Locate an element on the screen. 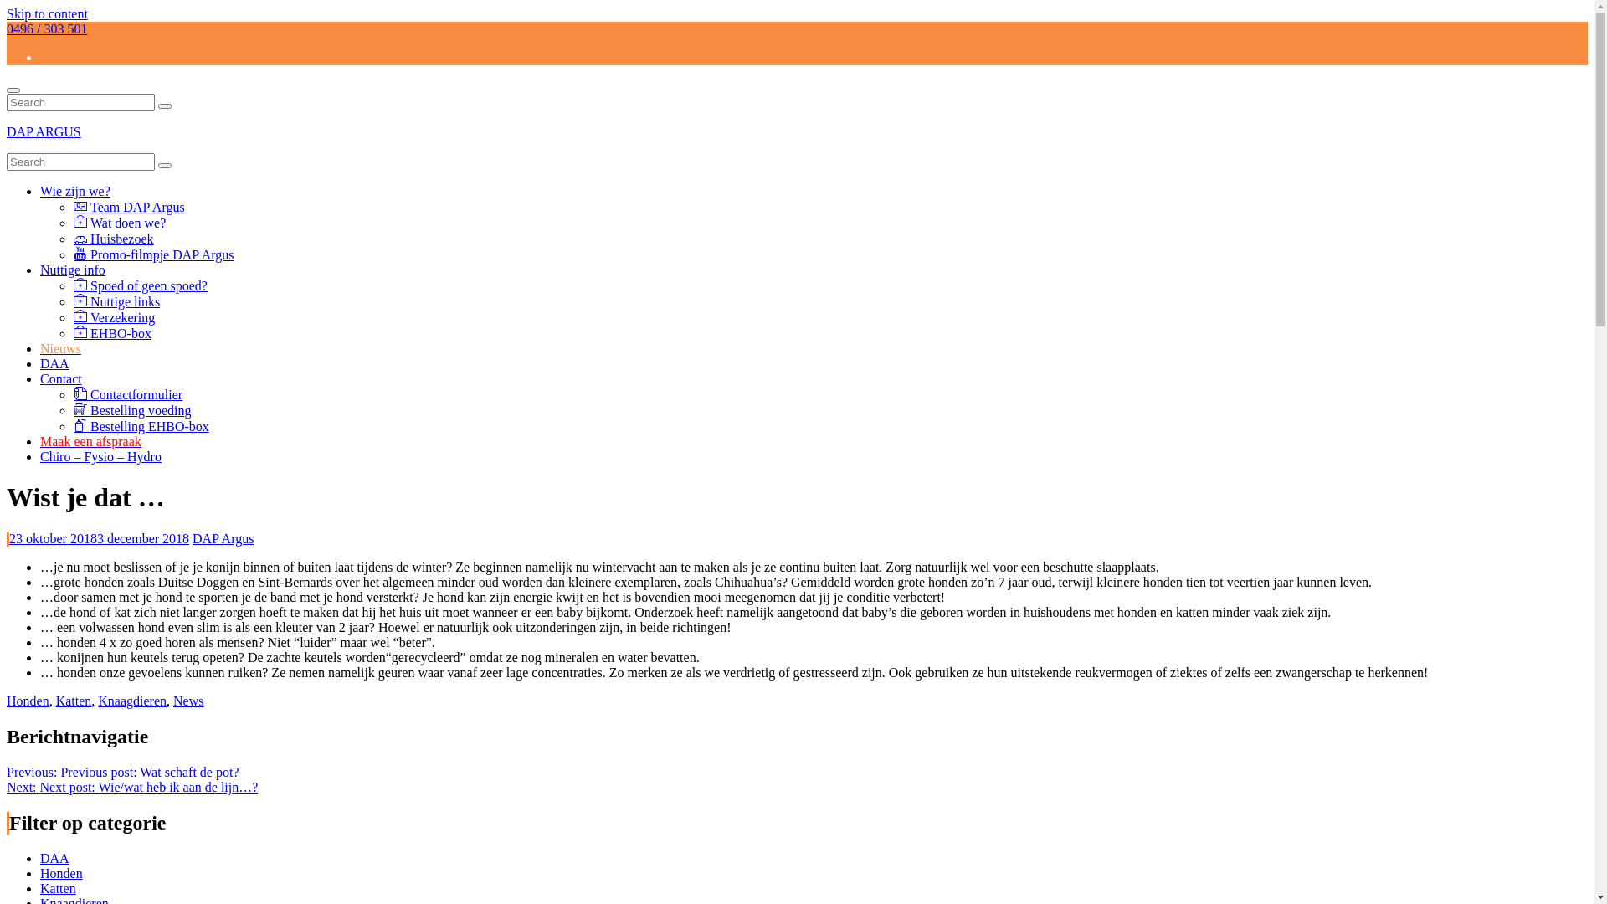 The image size is (1607, 904). 'Wie zijn we?' is located at coordinates (74, 190).